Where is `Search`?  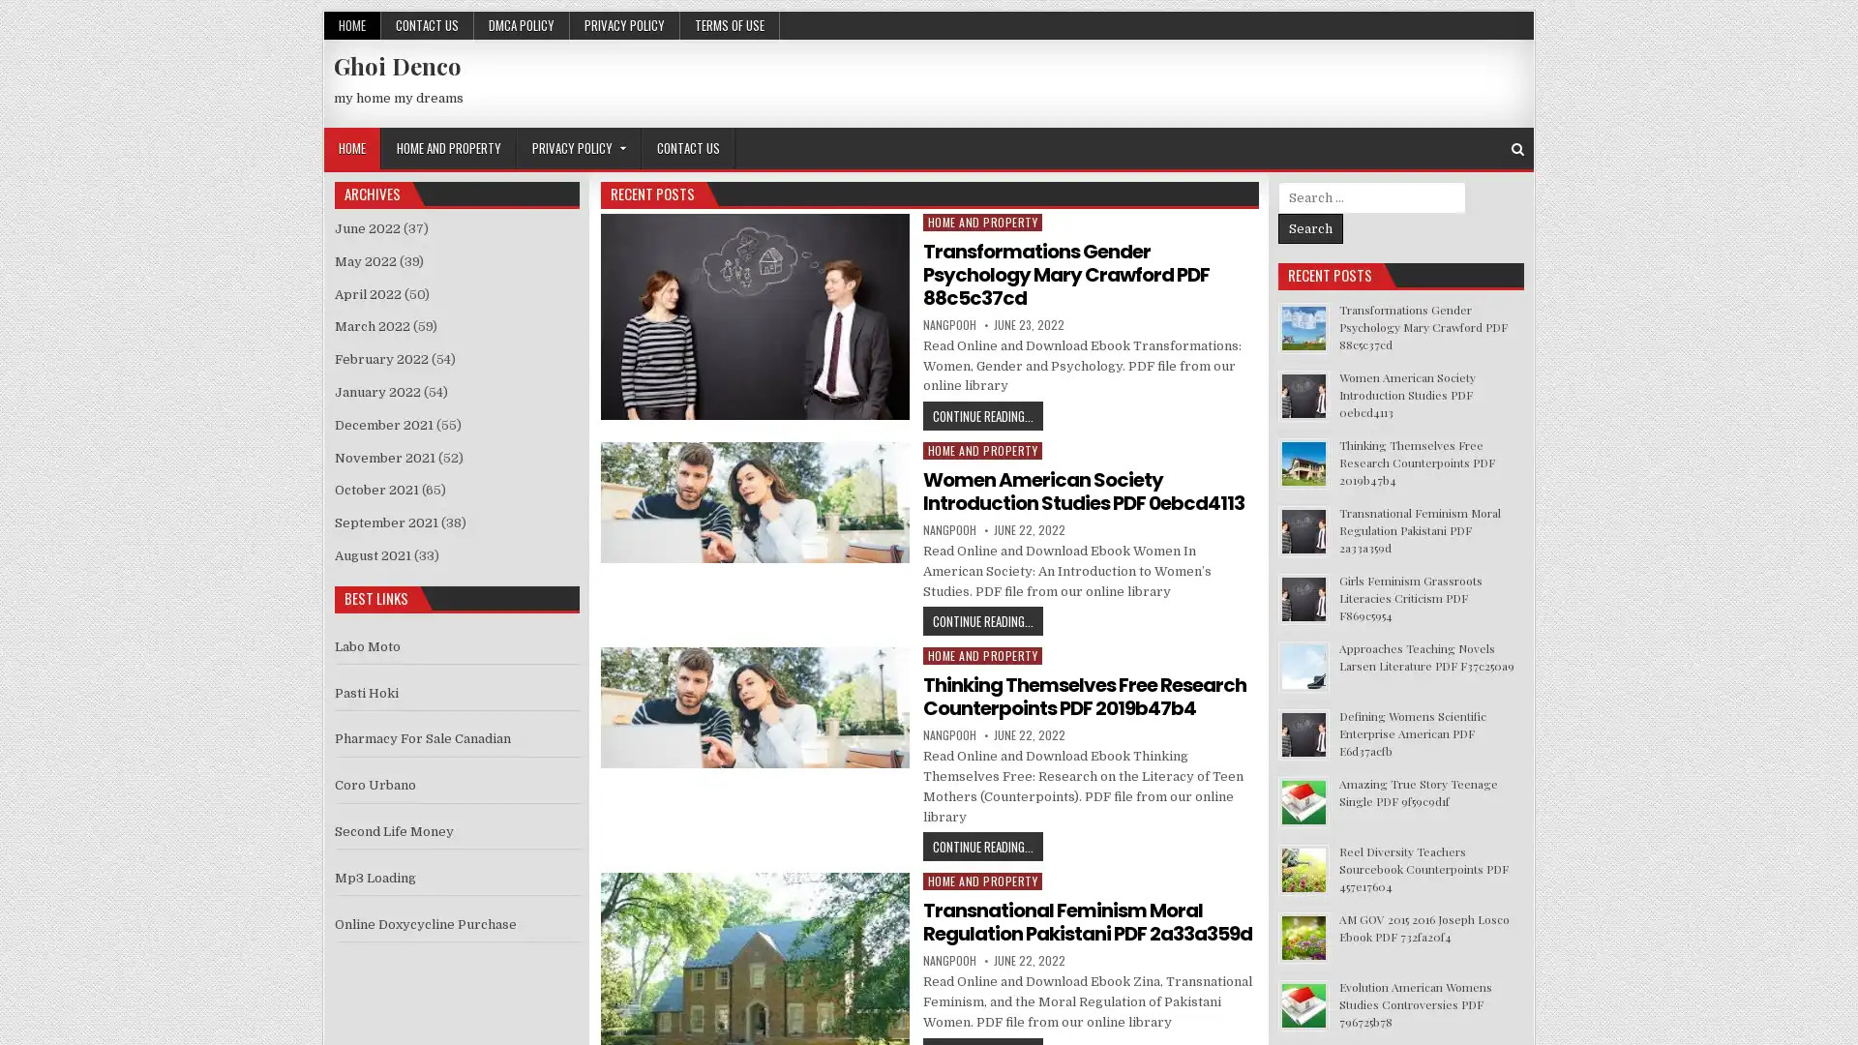 Search is located at coordinates (1310, 227).